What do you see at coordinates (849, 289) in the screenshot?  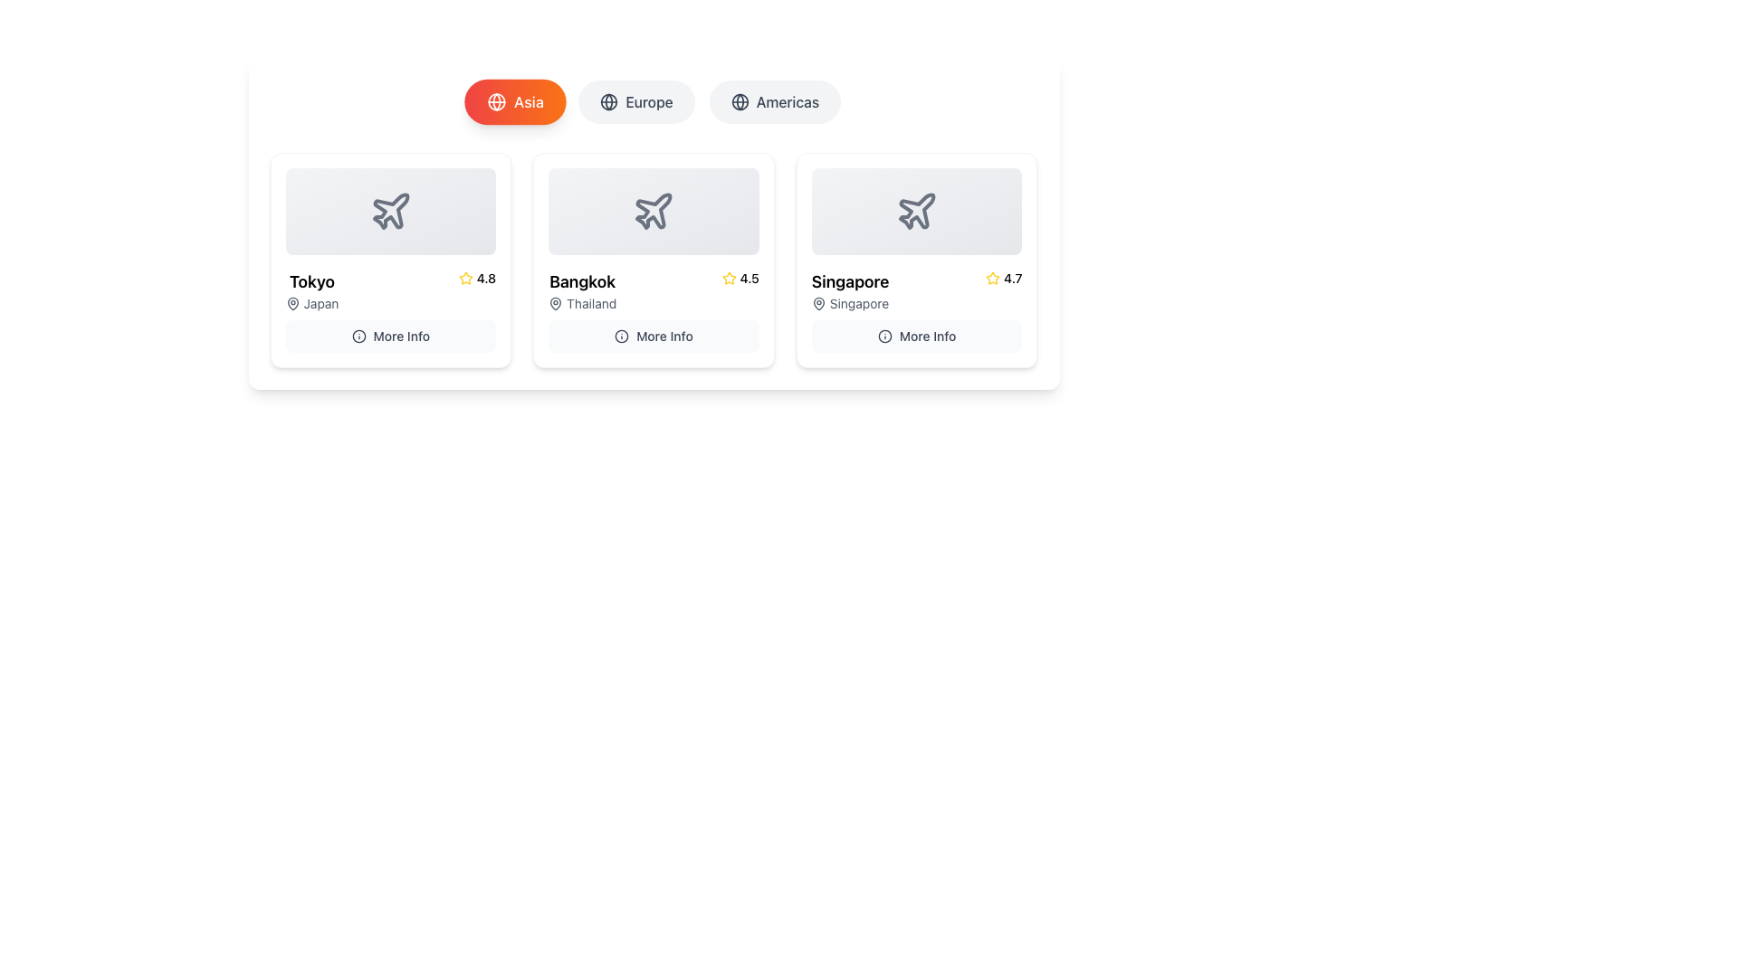 I see `the Text display for 'Singapore' which features a bolded upper line and a grey-colored lower line, accompanied by a map icon, located in the third card above the 'More Info' button` at bounding box center [849, 289].